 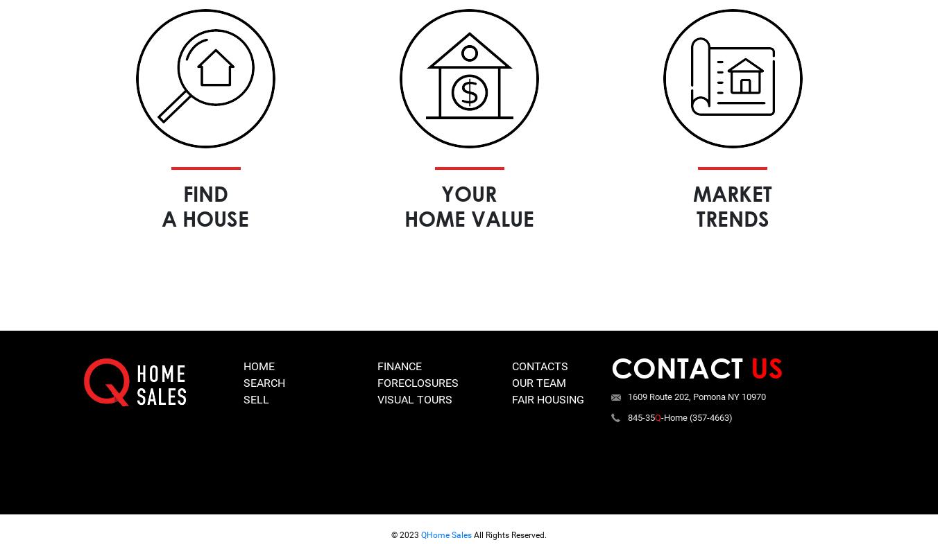 What do you see at coordinates (610, 367) in the screenshot?
I see `'Contact'` at bounding box center [610, 367].